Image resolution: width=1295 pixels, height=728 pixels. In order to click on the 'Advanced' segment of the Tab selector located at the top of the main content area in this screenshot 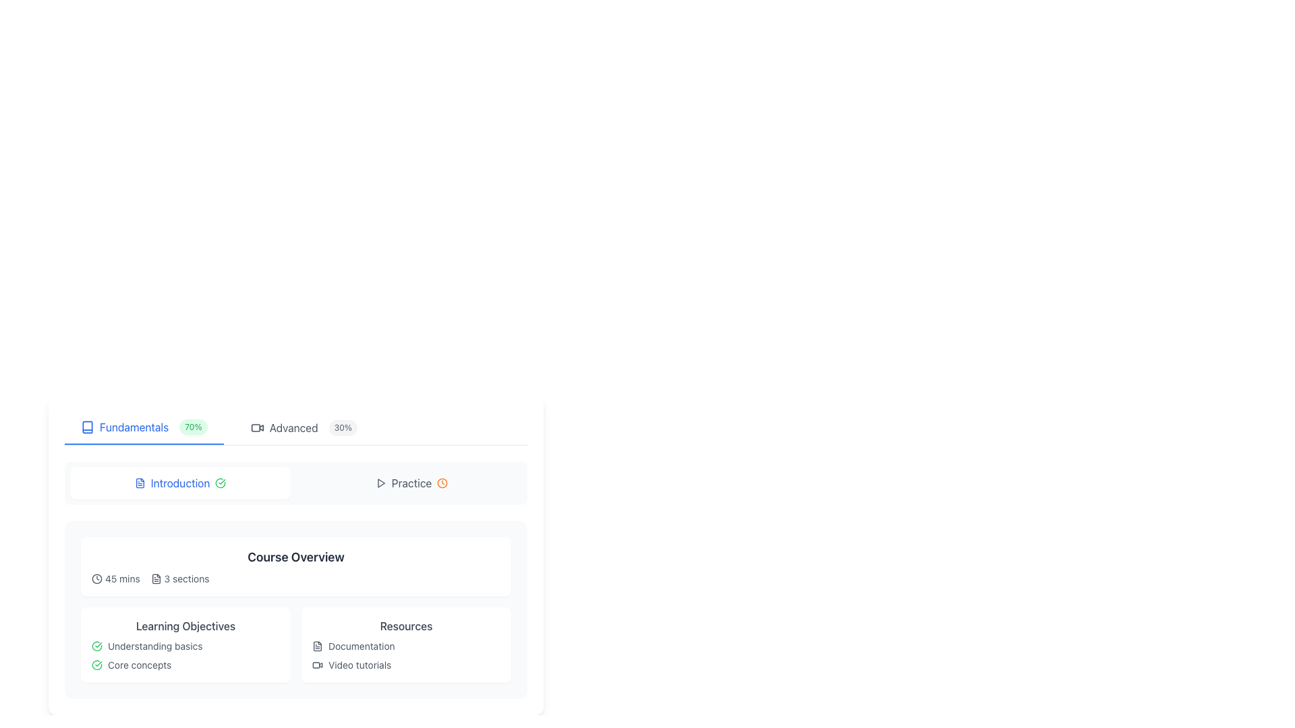, I will do `click(295, 428)`.